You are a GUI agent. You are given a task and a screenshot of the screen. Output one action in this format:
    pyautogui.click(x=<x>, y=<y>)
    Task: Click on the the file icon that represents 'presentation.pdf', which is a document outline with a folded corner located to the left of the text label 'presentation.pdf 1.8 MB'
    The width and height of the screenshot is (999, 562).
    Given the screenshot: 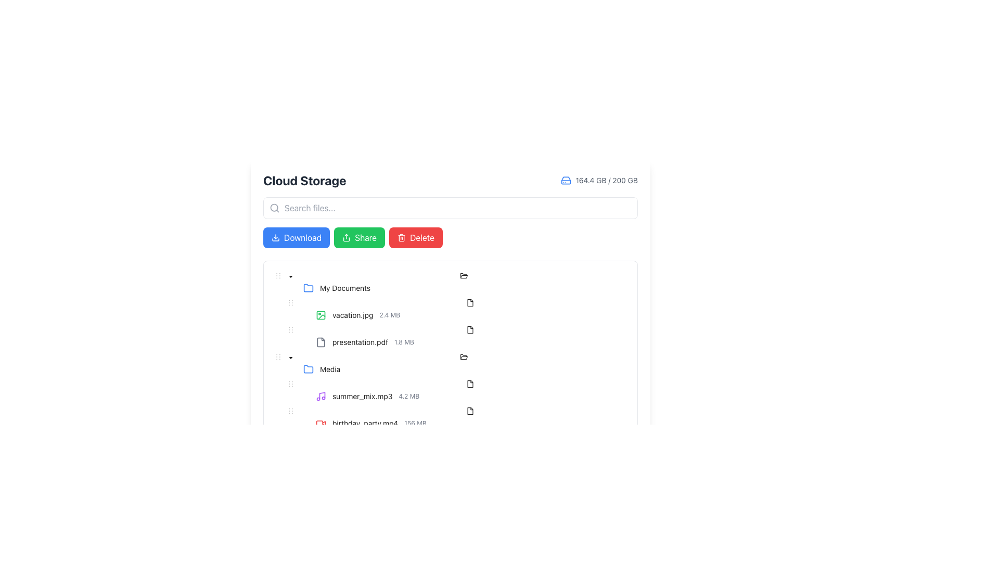 What is the action you would take?
    pyautogui.click(x=469, y=329)
    